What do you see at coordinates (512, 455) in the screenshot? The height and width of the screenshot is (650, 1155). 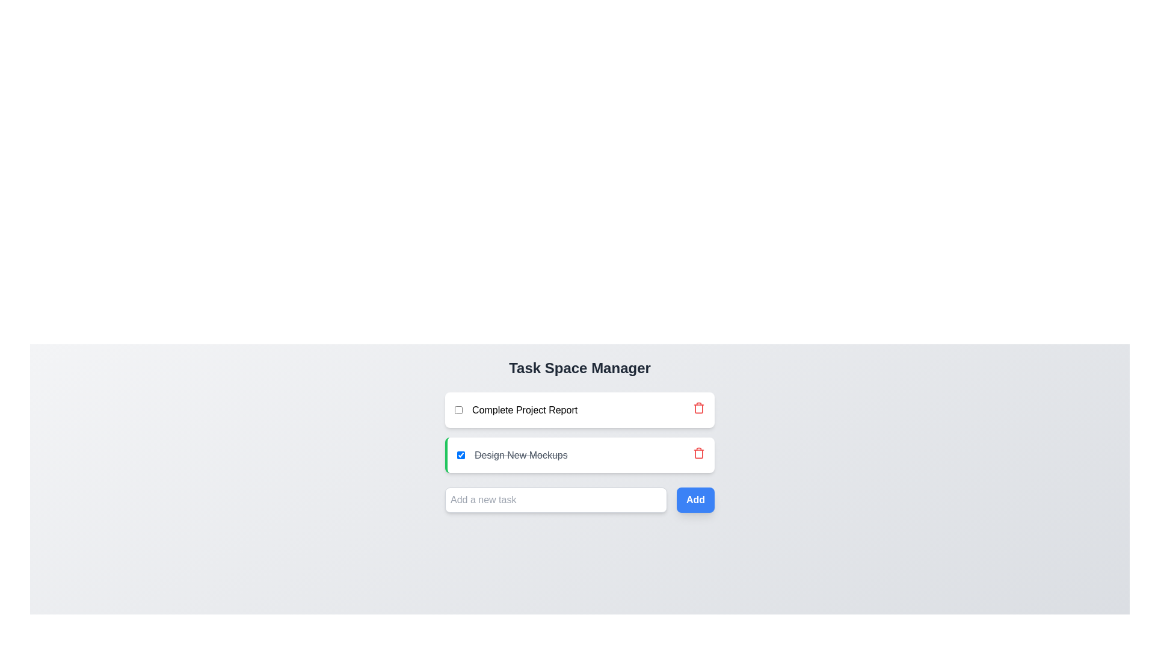 I see `the second task item` at bounding box center [512, 455].